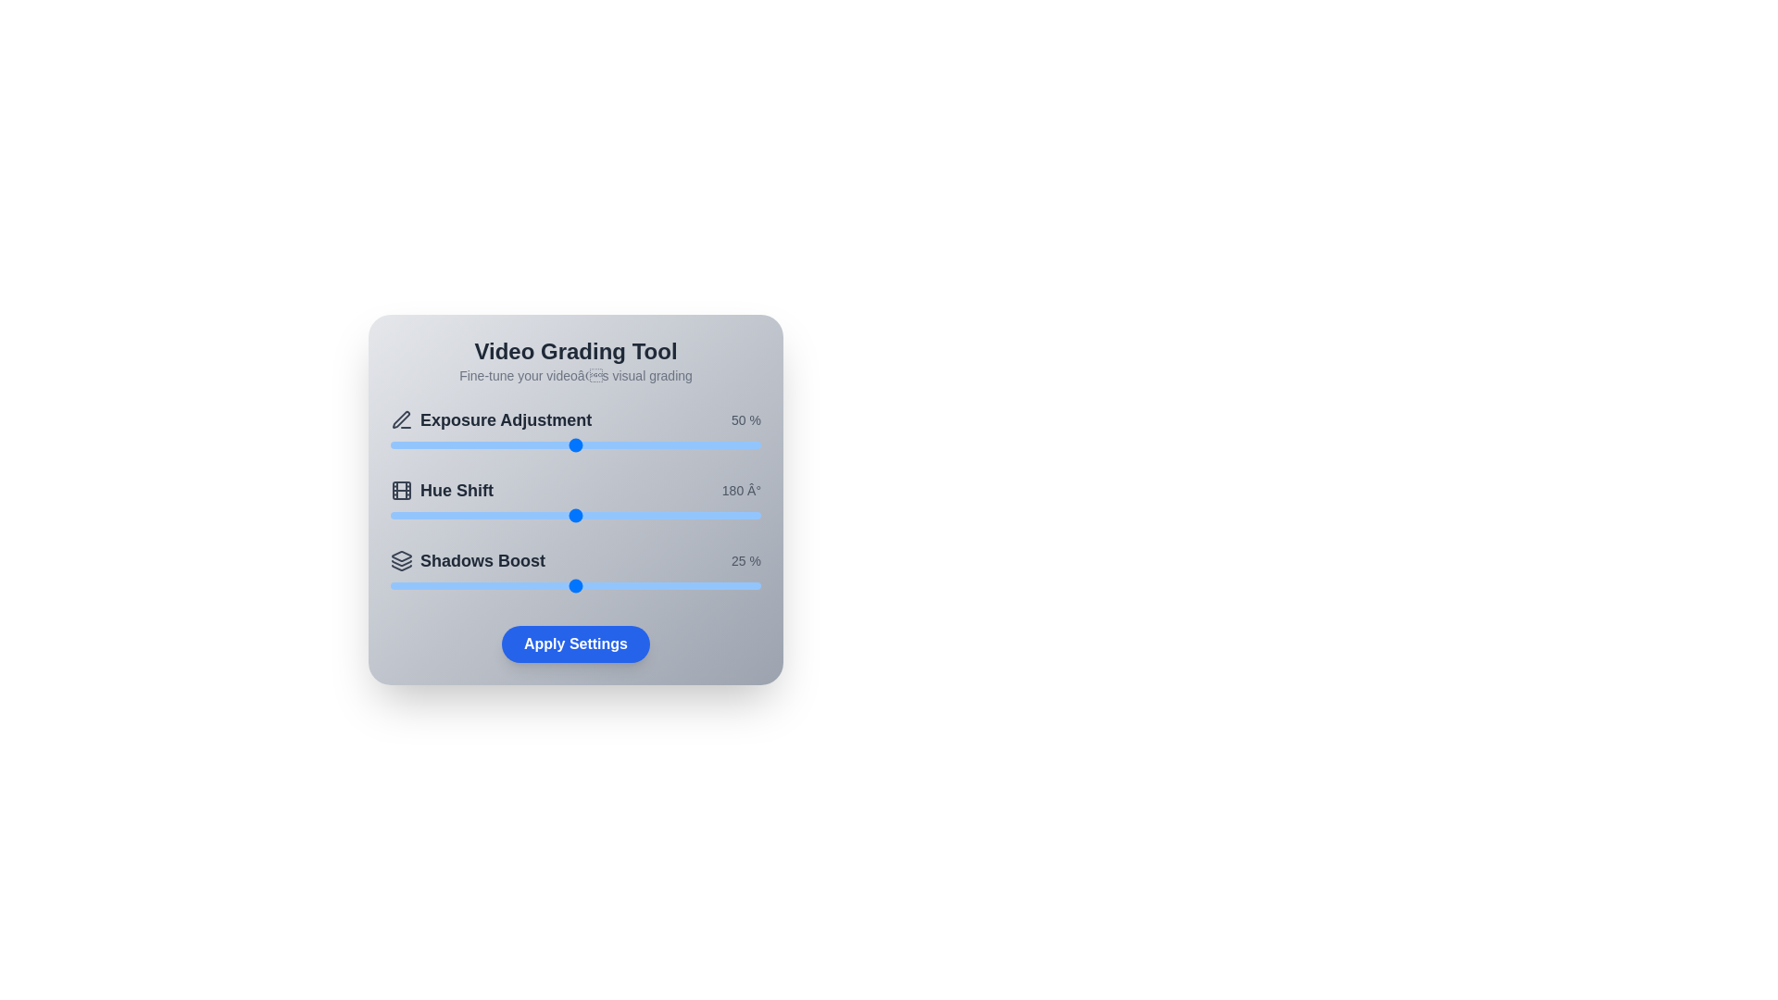 This screenshot has height=1000, width=1778. I want to click on the 'Hue Shift' text label, which is styled in bold, dark gray font and positioned between 'Exposure Adjustment' and 'Shadows Boost' in the visual grading tool interface, so click(441, 489).